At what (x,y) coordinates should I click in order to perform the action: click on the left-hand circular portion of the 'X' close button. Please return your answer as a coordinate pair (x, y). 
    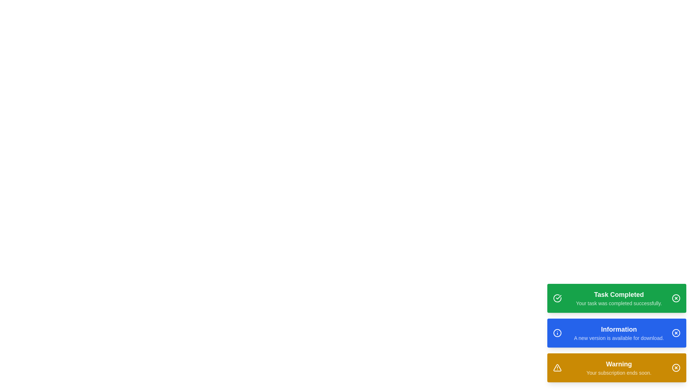
    Looking at the image, I should click on (675, 367).